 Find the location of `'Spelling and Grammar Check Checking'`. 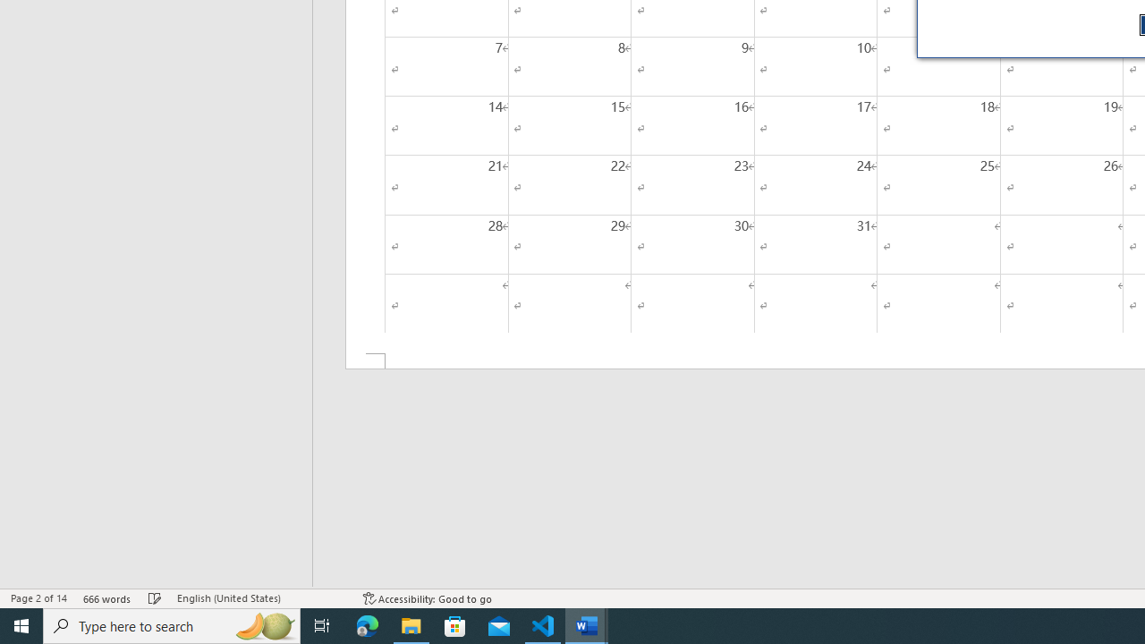

'Spelling and Grammar Check Checking' is located at coordinates (155, 598).